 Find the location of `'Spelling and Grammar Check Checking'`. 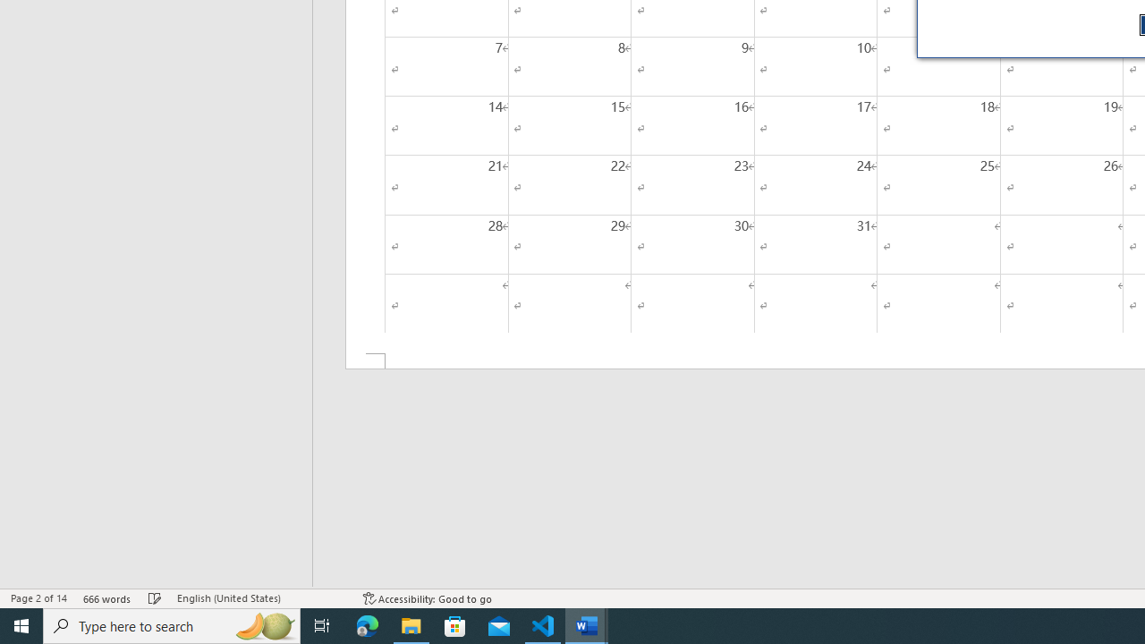

'Spelling and Grammar Check Checking' is located at coordinates (155, 598).